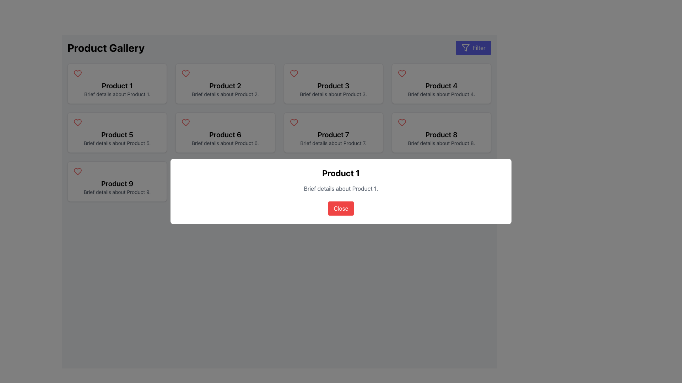  I want to click on the Card element presenting a product summary that displays 'Product 8' with a heart-shaped icon in the upper left corner, so click(441, 133).